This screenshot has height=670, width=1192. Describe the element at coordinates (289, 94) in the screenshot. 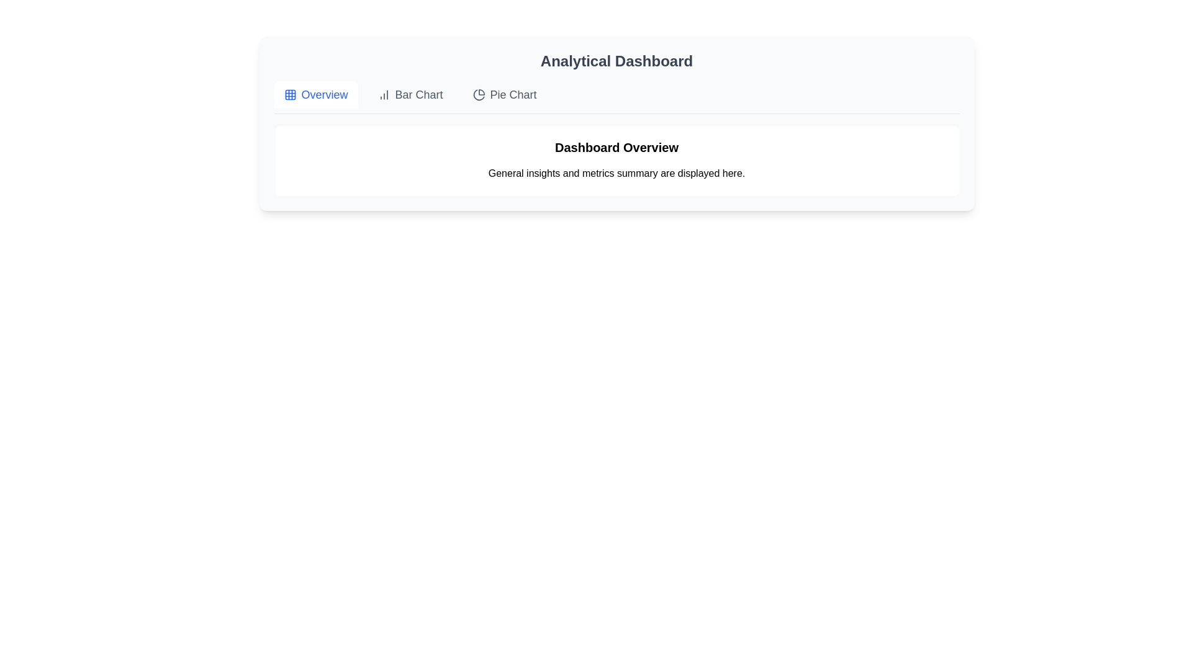

I see `the grid icon with a blue outline located to the left of the 'Overview' text for accessibility navigation` at that location.